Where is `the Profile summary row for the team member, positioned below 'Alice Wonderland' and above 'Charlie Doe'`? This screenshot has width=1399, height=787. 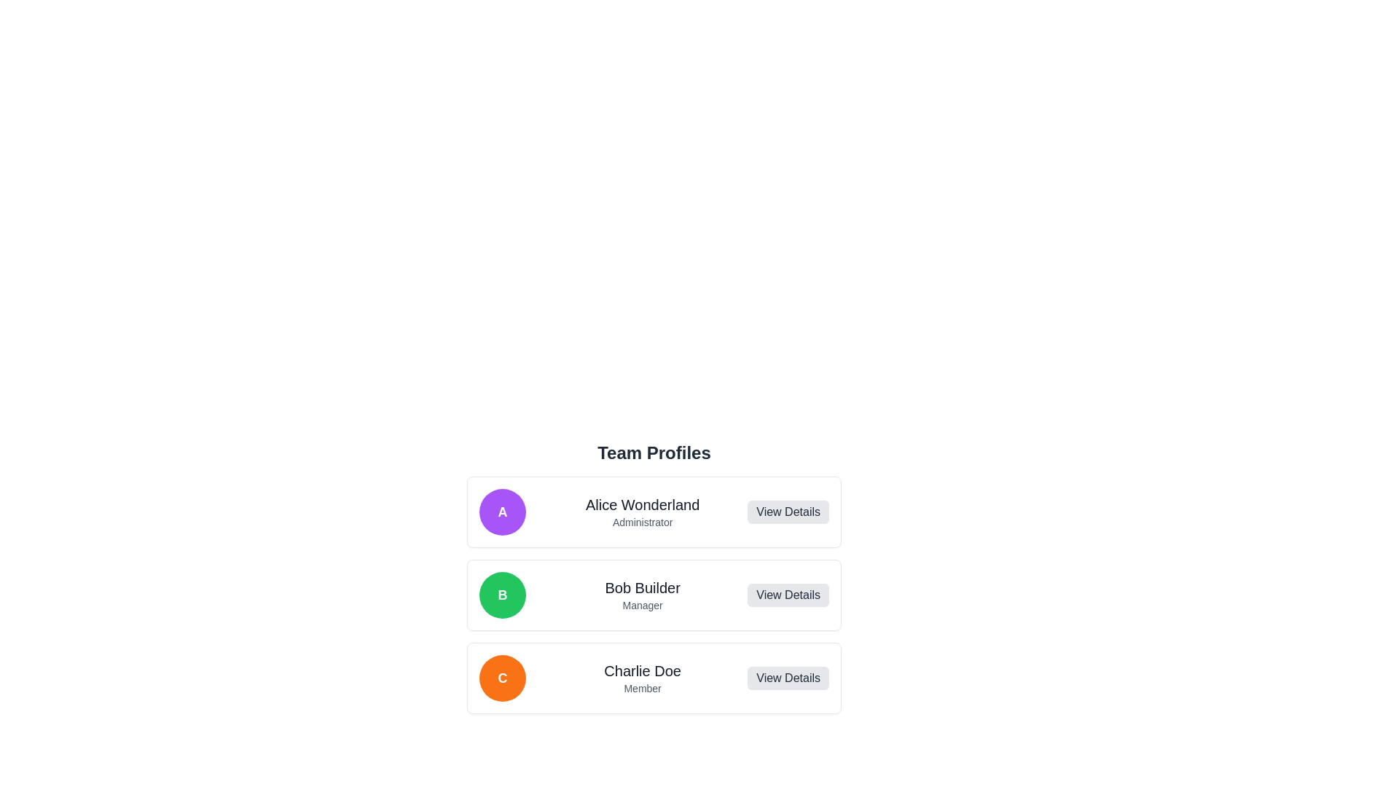 the Profile summary row for the team member, positioned below 'Alice Wonderland' and above 'Charlie Doe' is located at coordinates (653, 595).